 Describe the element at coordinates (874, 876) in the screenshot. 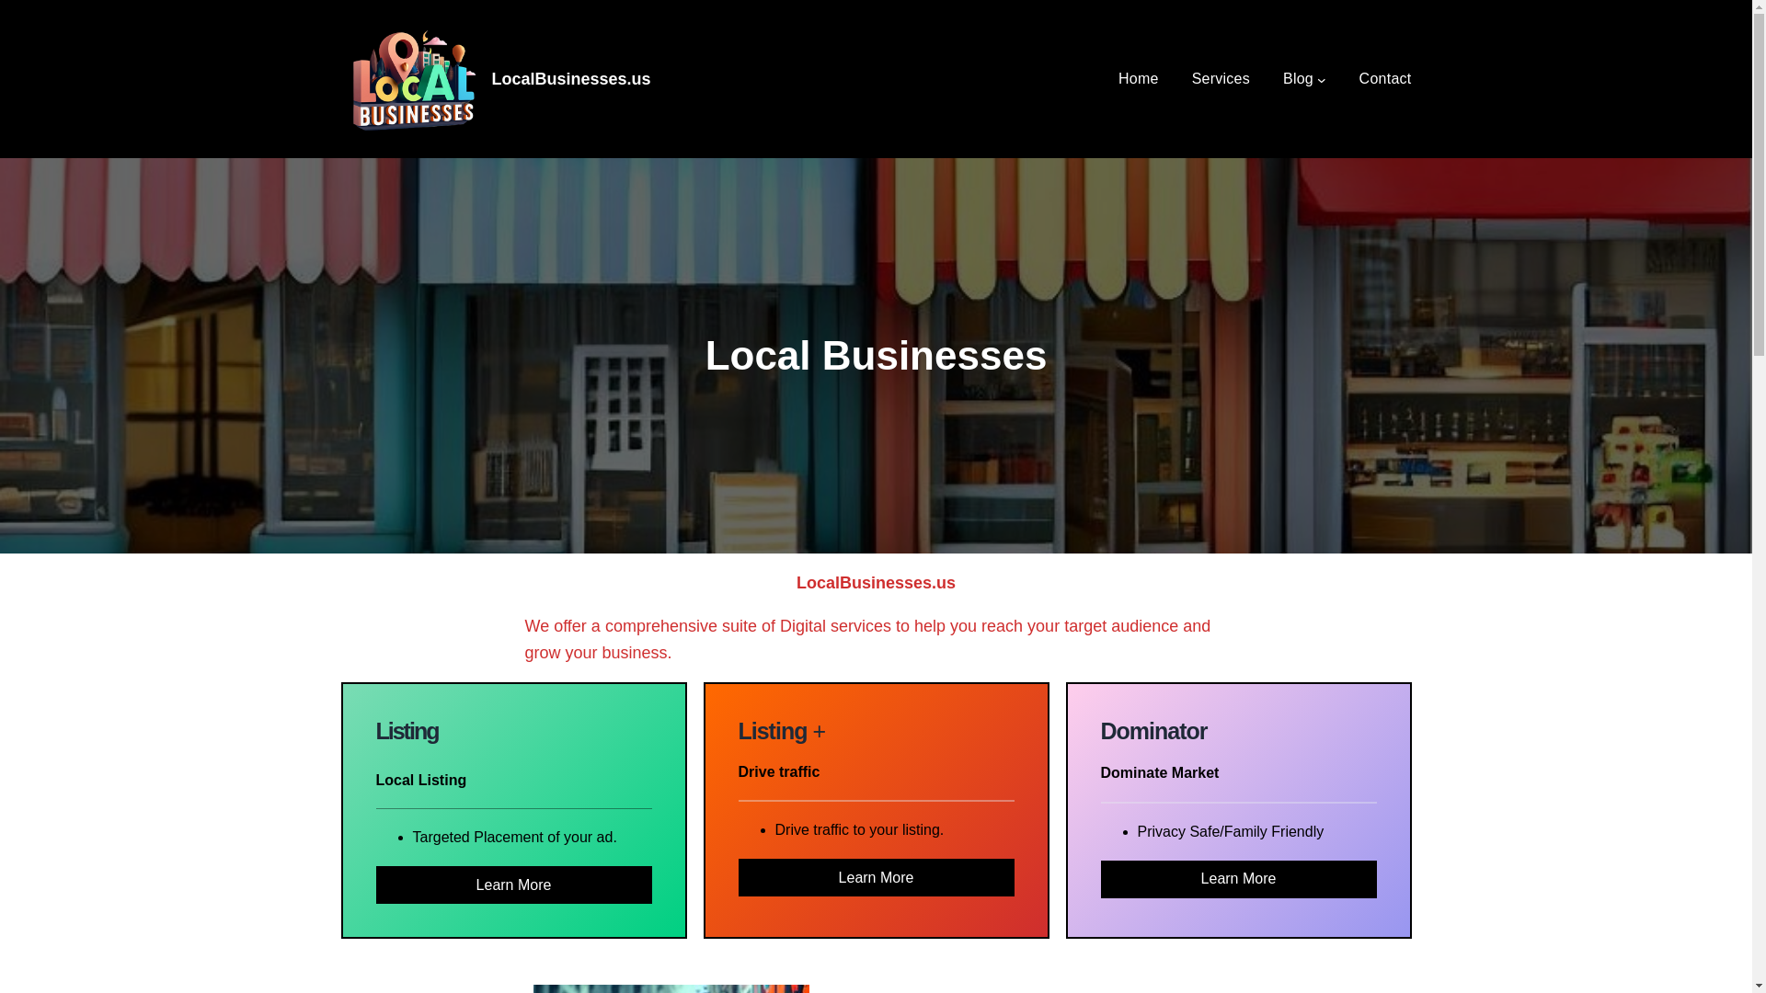

I see `'Learn More'` at that location.